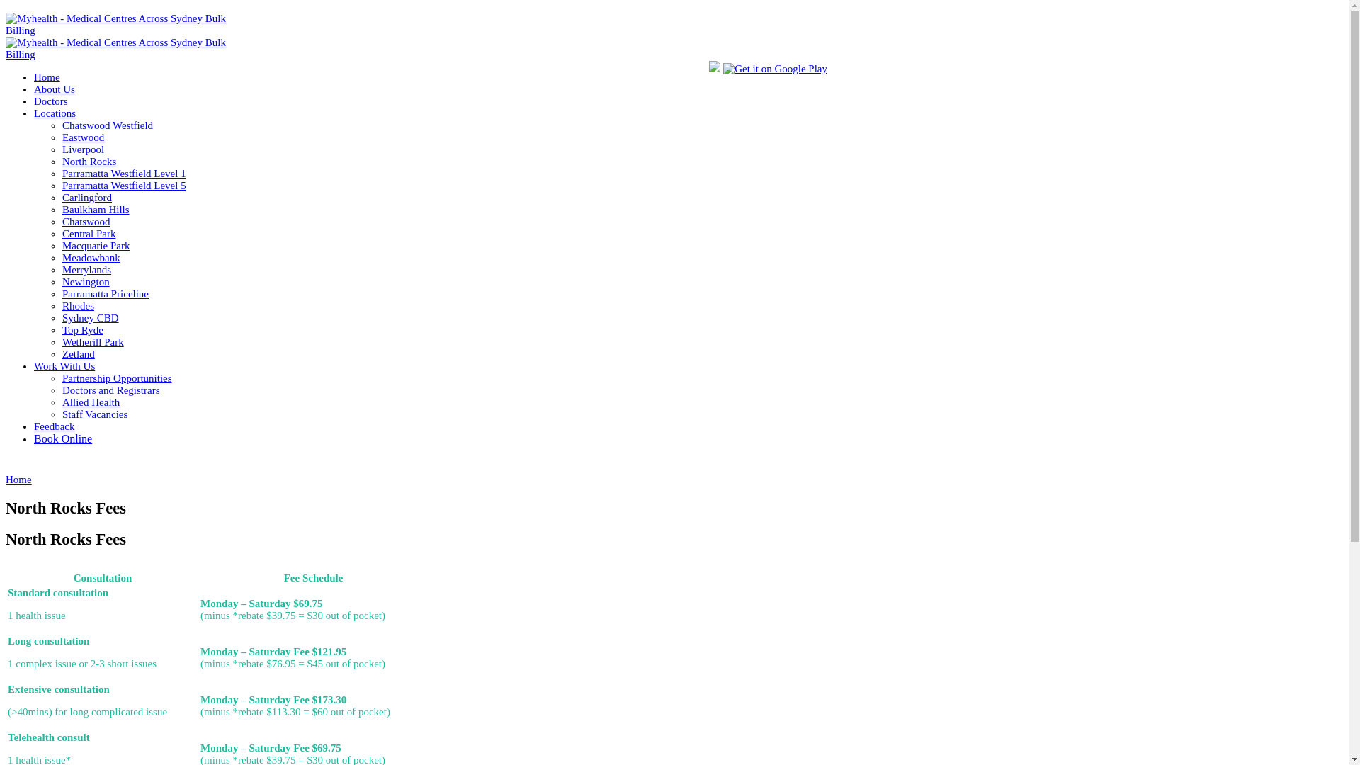 The image size is (1360, 765). Describe the element at coordinates (18, 479) in the screenshot. I see `'Home'` at that location.